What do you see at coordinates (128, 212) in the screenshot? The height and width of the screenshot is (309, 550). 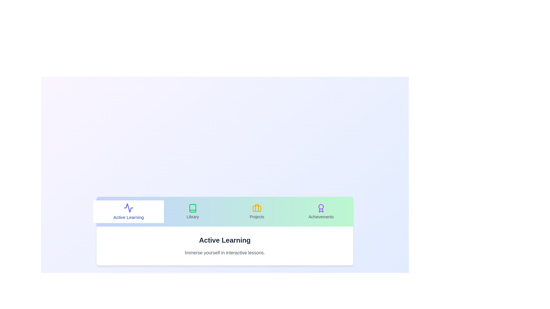 I see `the tab labeled Active Learning to observe its hover effect` at bounding box center [128, 212].